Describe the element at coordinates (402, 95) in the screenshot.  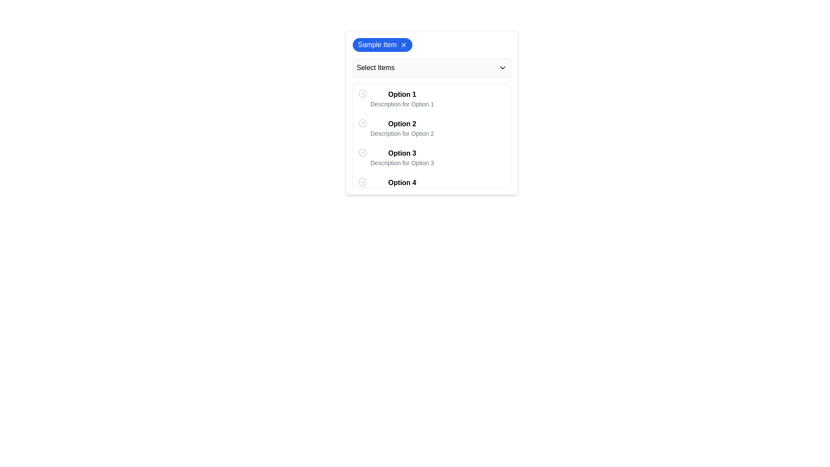
I see `the text label or header that serves as the title for the first selectable option in the dropdown list` at that location.